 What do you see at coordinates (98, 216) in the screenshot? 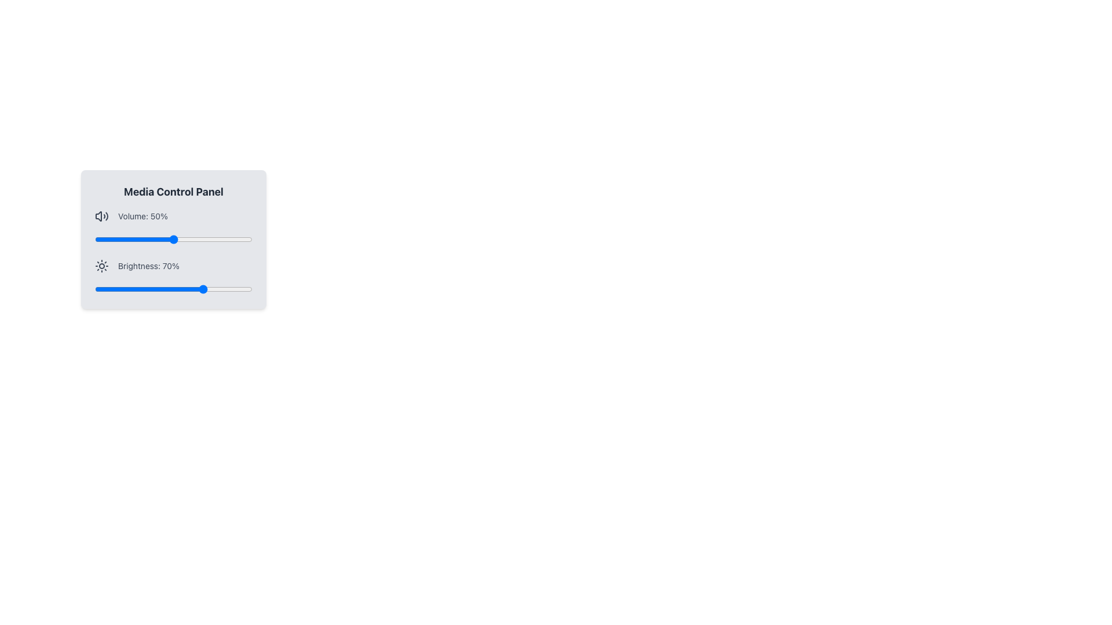
I see `the main body of the speaker icon, which is positioned to the left of the two circular wave indicators` at bounding box center [98, 216].